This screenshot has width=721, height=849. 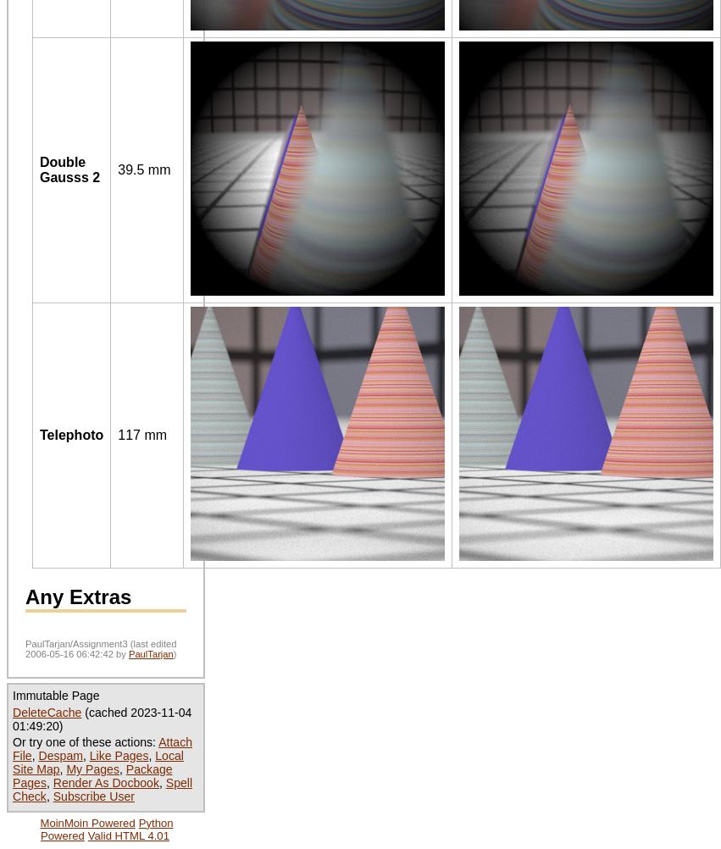 What do you see at coordinates (141, 434) in the screenshot?
I see `'117 mm'` at bounding box center [141, 434].